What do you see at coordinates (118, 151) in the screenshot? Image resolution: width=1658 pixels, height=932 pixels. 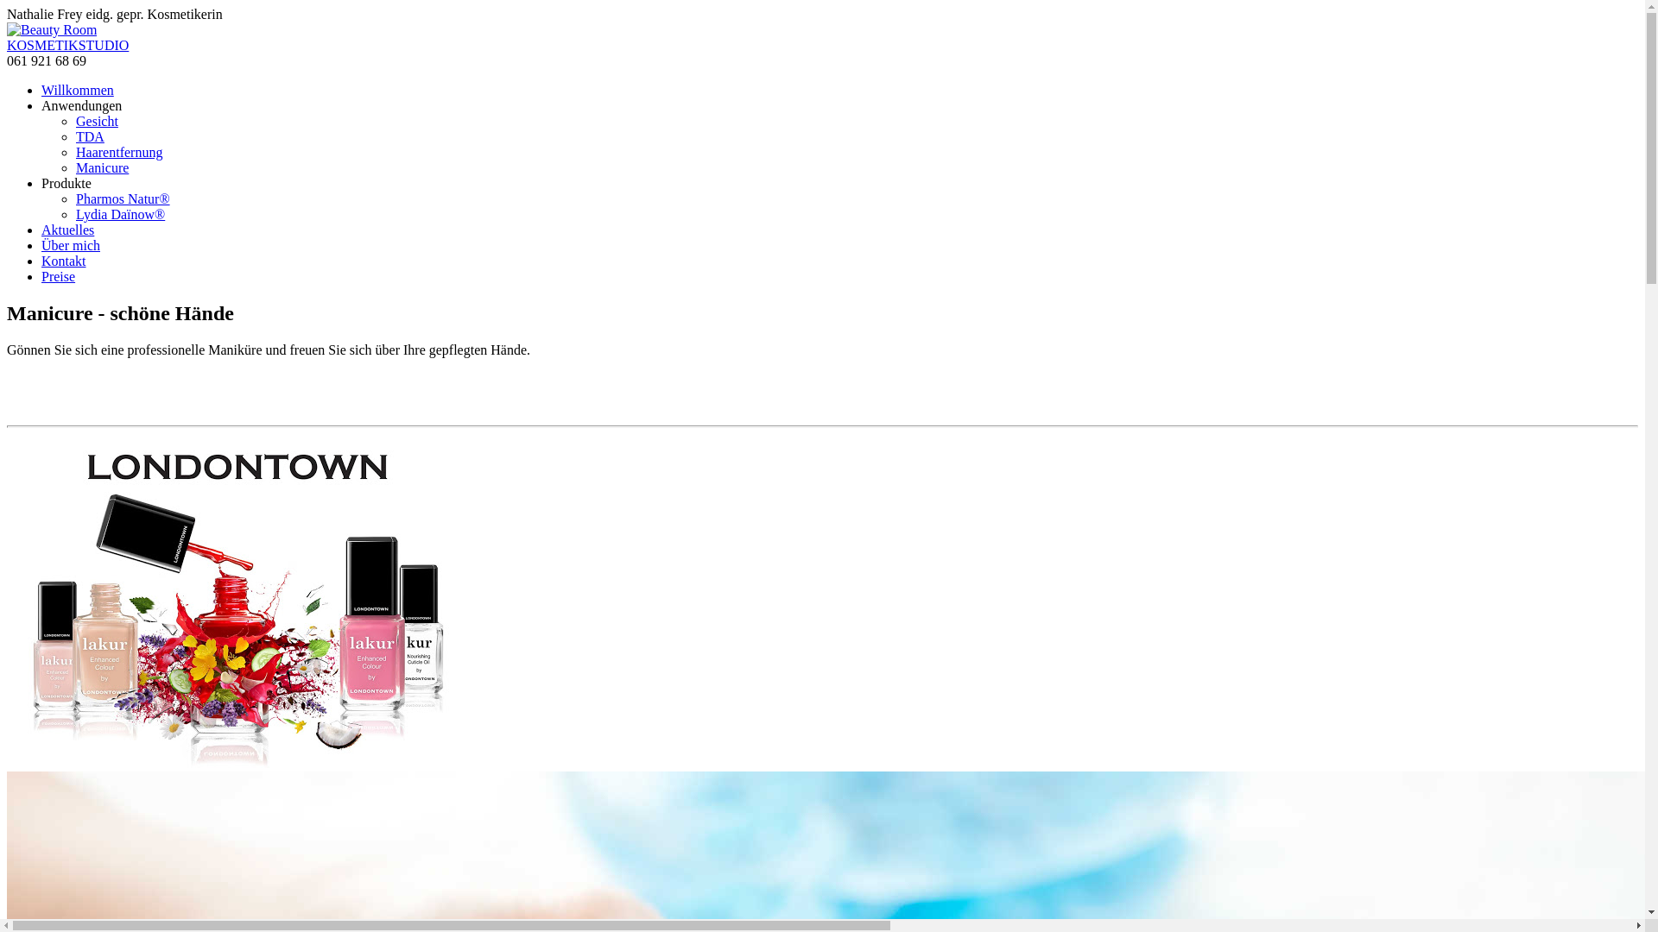 I see `'Haarentfernung'` at bounding box center [118, 151].